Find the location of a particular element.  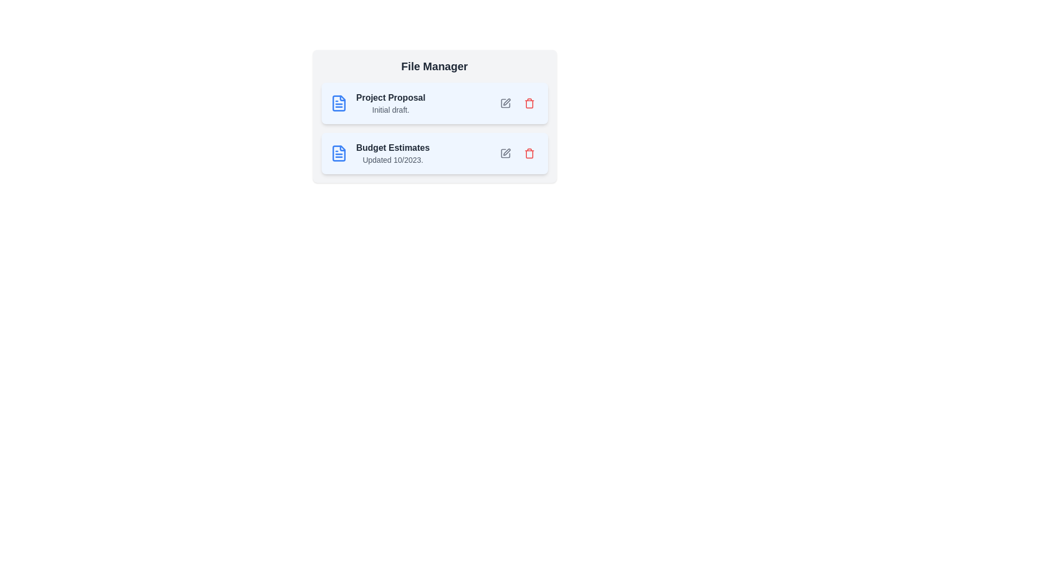

the file item labeled 'Project Proposal' is located at coordinates (434, 103).